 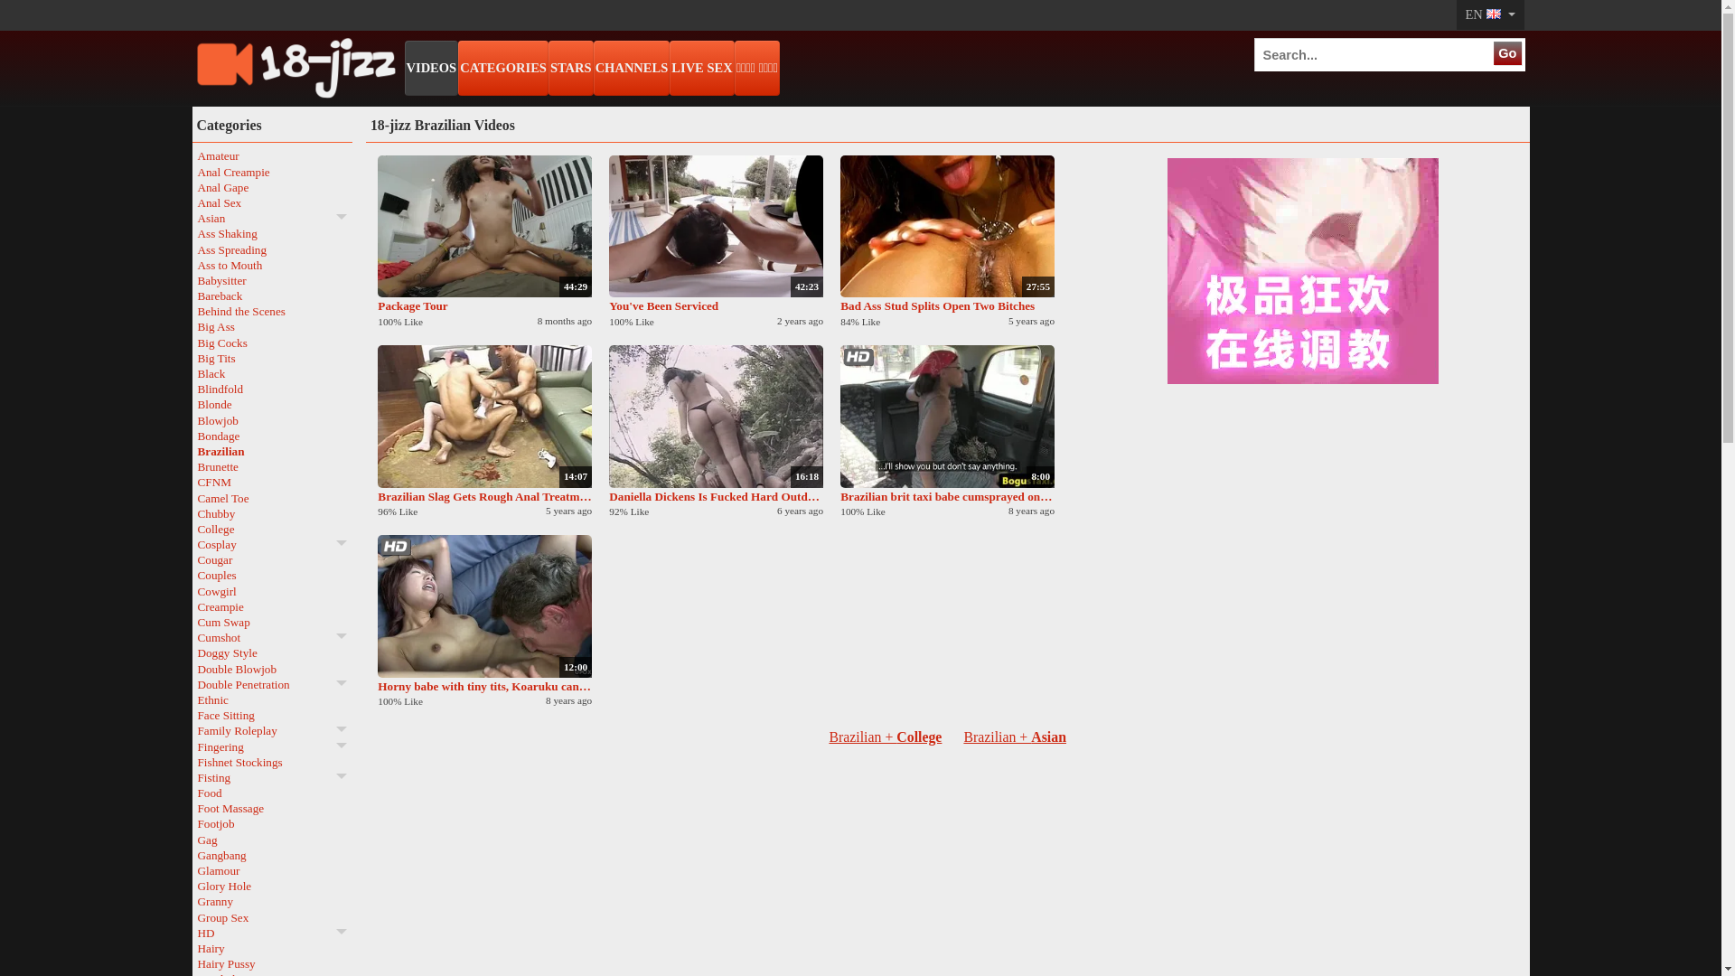 I want to click on '27:55', so click(x=946, y=225).